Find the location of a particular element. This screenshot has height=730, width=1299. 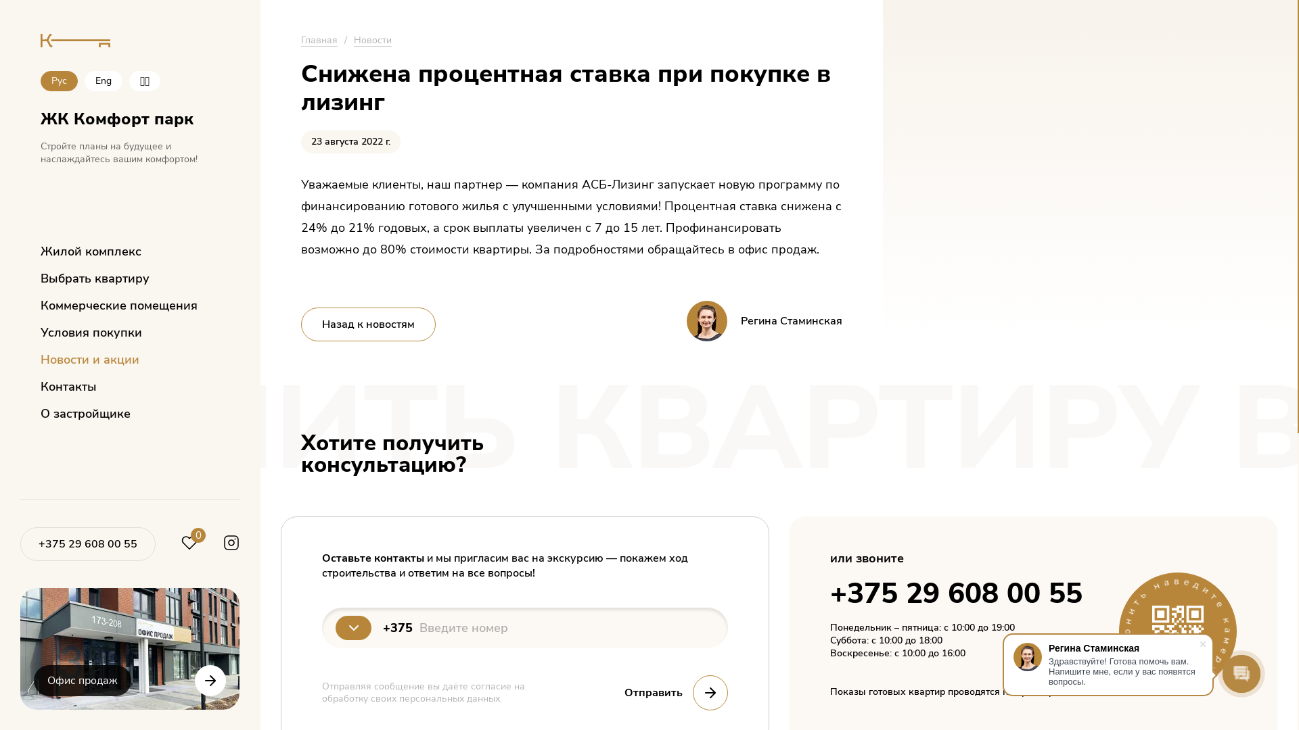

'+375 29 608 00 55' is located at coordinates (39, 543).